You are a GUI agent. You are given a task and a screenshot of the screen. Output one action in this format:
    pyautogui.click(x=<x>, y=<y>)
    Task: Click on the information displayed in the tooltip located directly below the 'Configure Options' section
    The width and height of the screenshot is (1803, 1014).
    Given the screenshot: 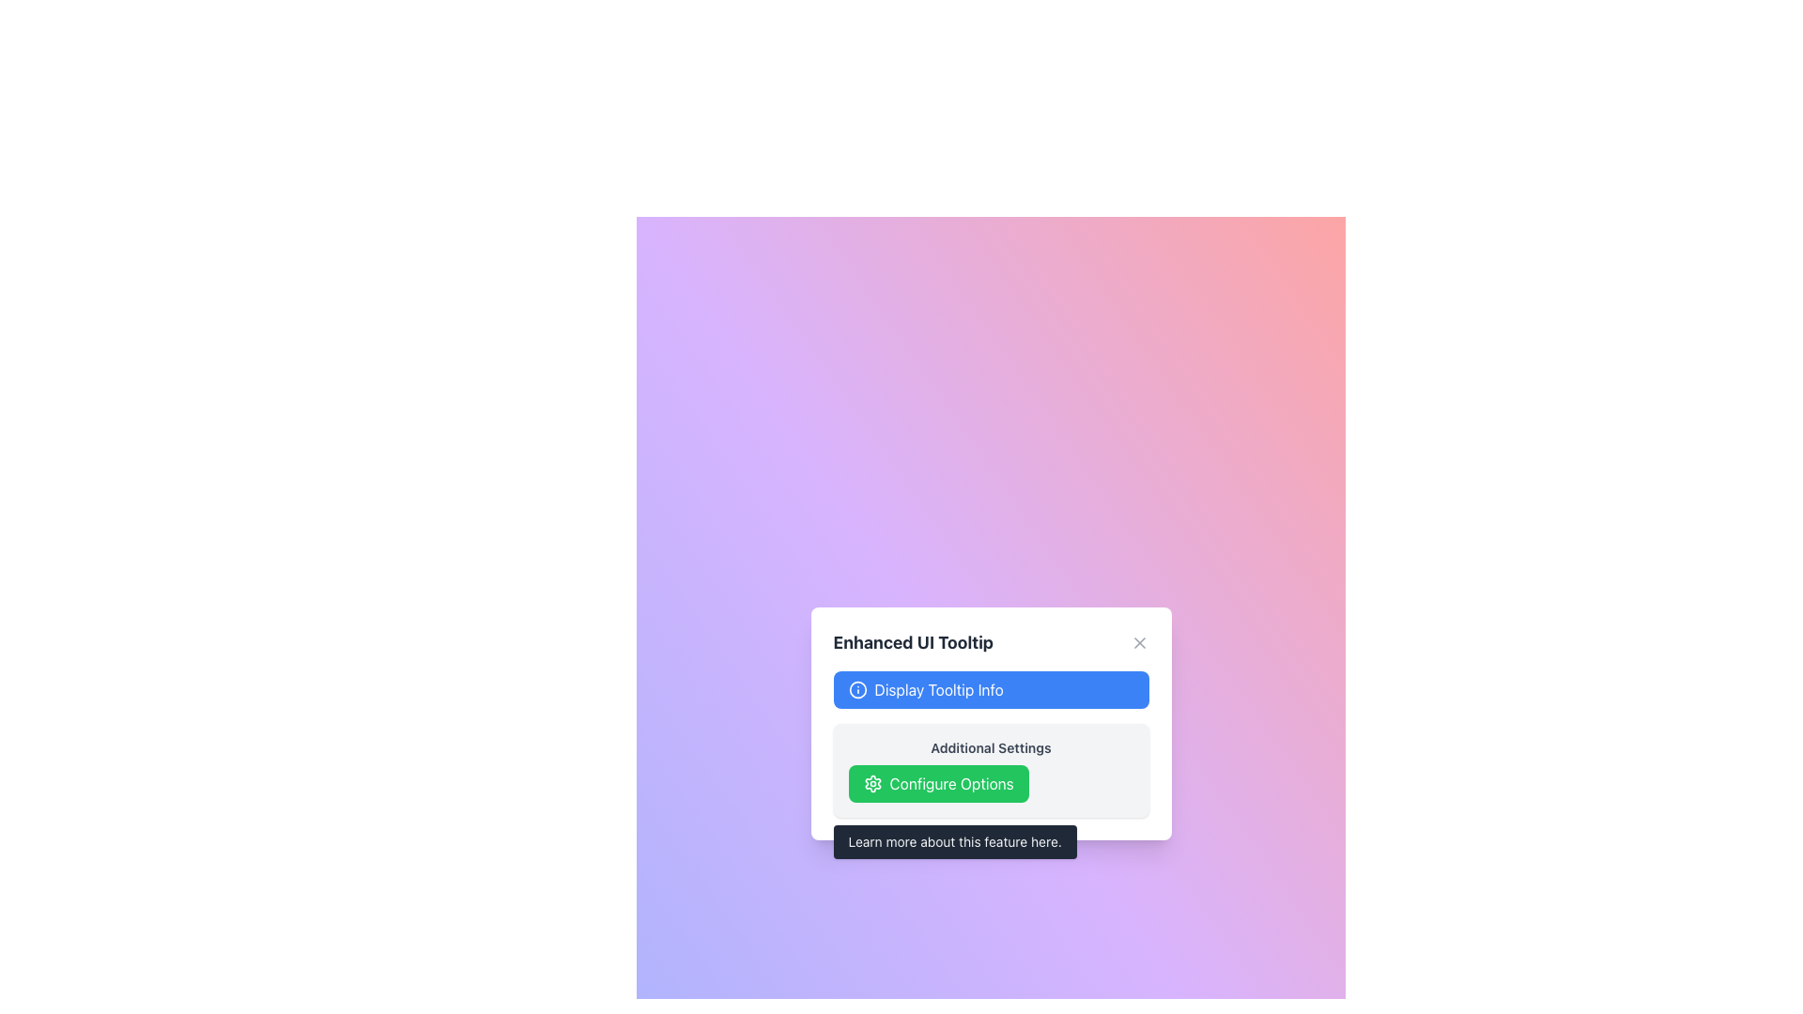 What is the action you would take?
    pyautogui.click(x=955, y=841)
    